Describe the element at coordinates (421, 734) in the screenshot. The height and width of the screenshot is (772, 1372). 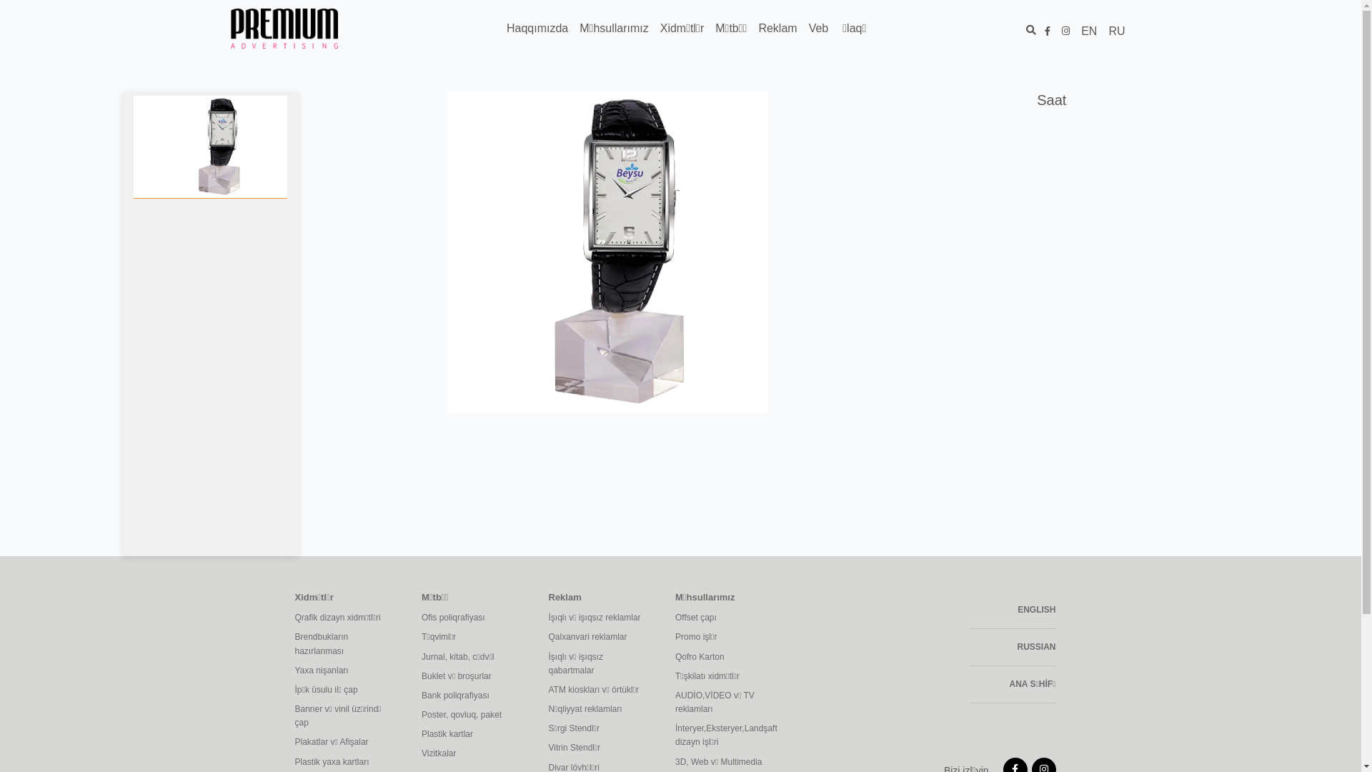
I see `'Plastik kartlar'` at that location.